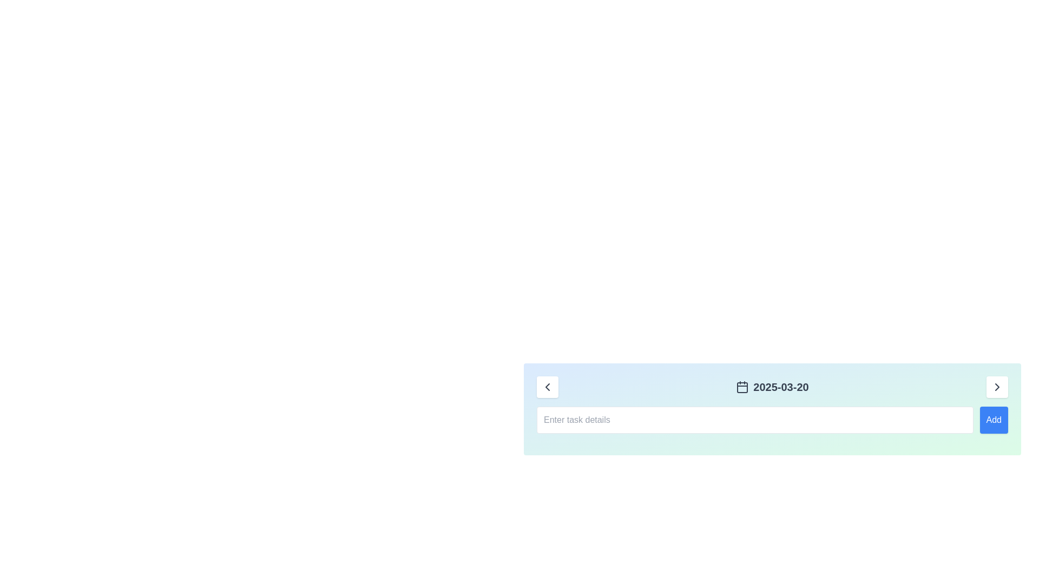 This screenshot has width=1039, height=584. Describe the element at coordinates (742, 387) in the screenshot. I see `the calendar icon located immediately to the left of the text '2025-03-20'` at that location.